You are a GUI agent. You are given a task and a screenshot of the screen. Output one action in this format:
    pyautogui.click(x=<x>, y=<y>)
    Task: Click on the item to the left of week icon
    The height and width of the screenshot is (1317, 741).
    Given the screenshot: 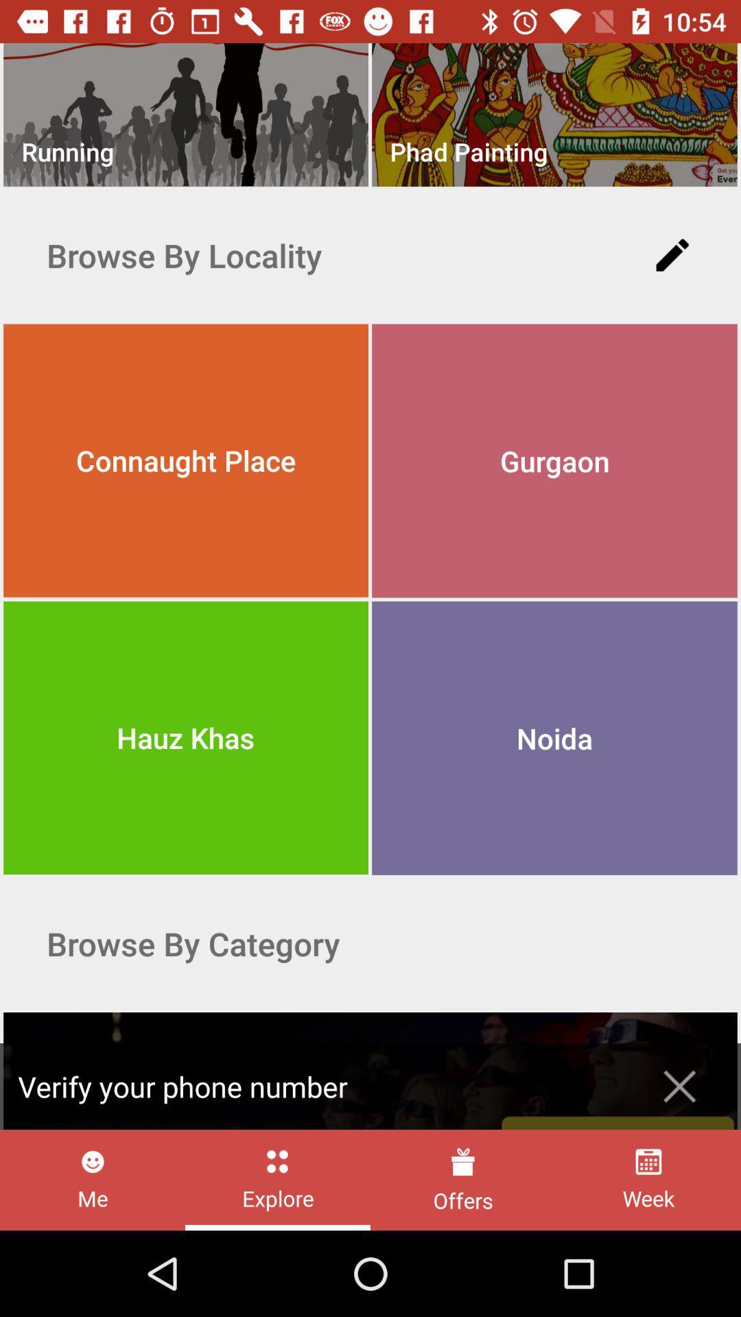 What is the action you would take?
    pyautogui.click(x=463, y=1179)
    